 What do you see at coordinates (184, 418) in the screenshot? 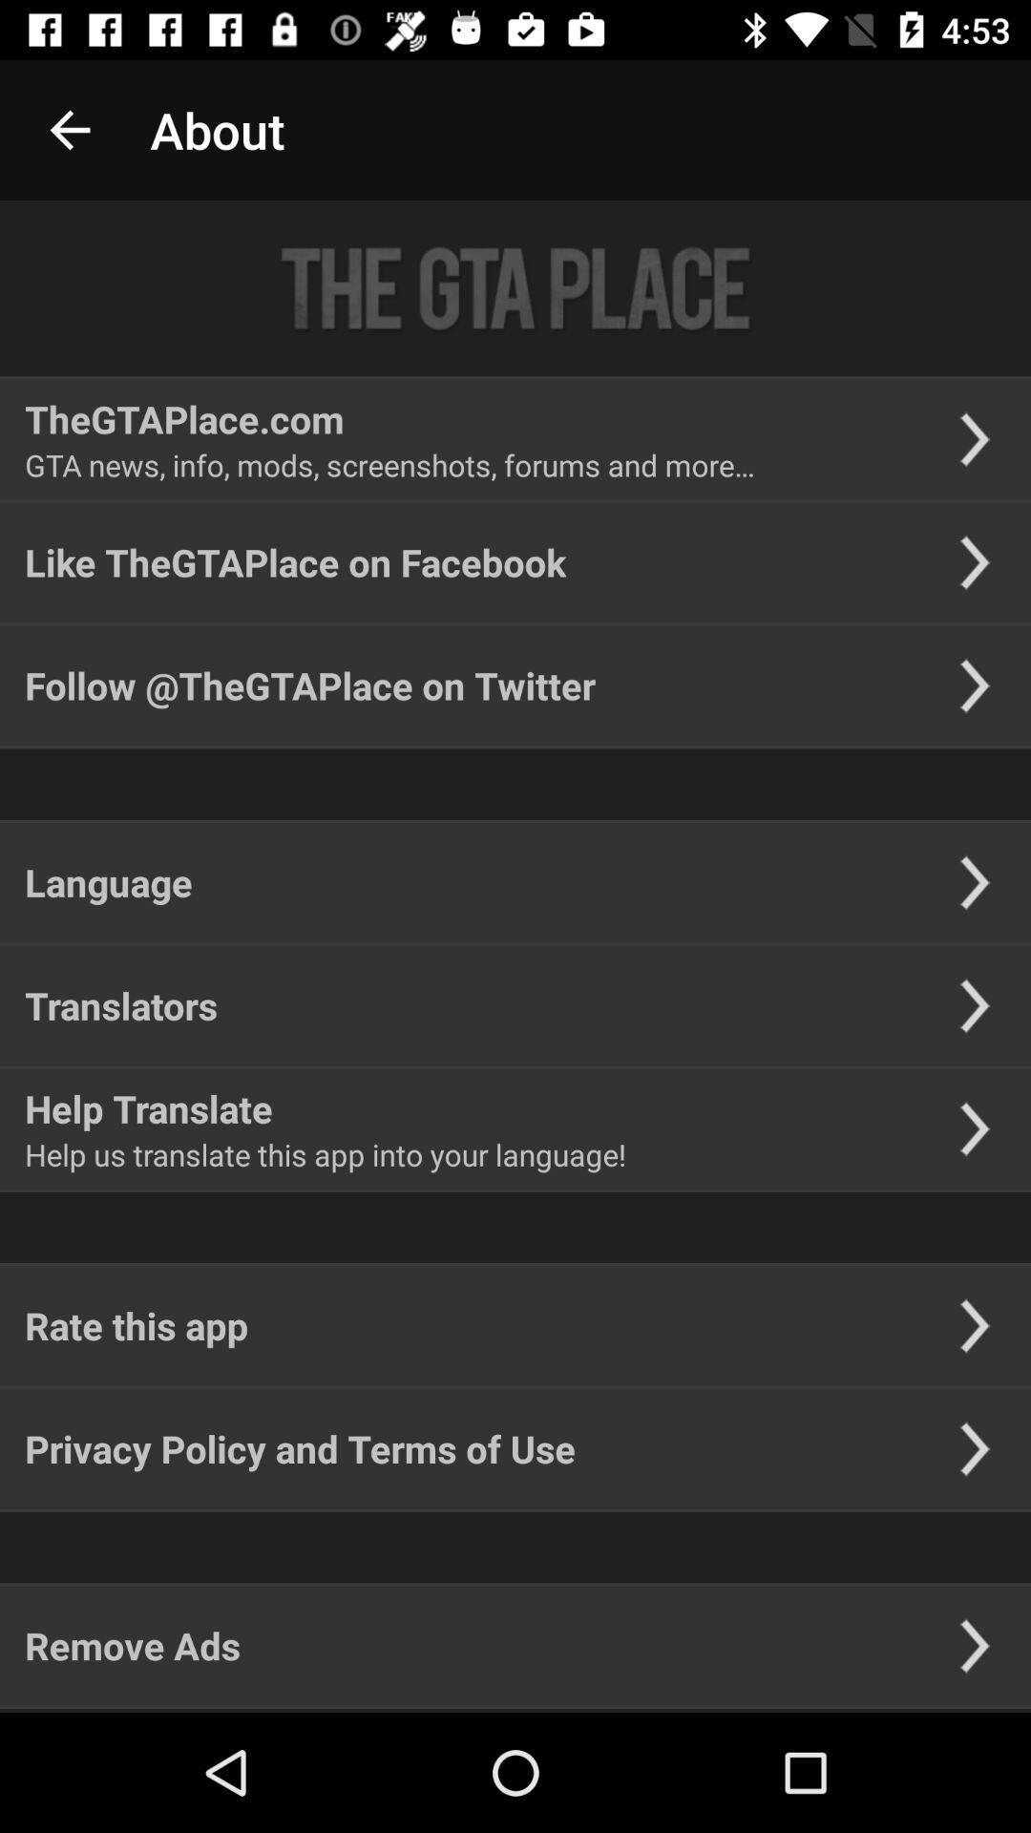
I see `item above gta news info` at bounding box center [184, 418].